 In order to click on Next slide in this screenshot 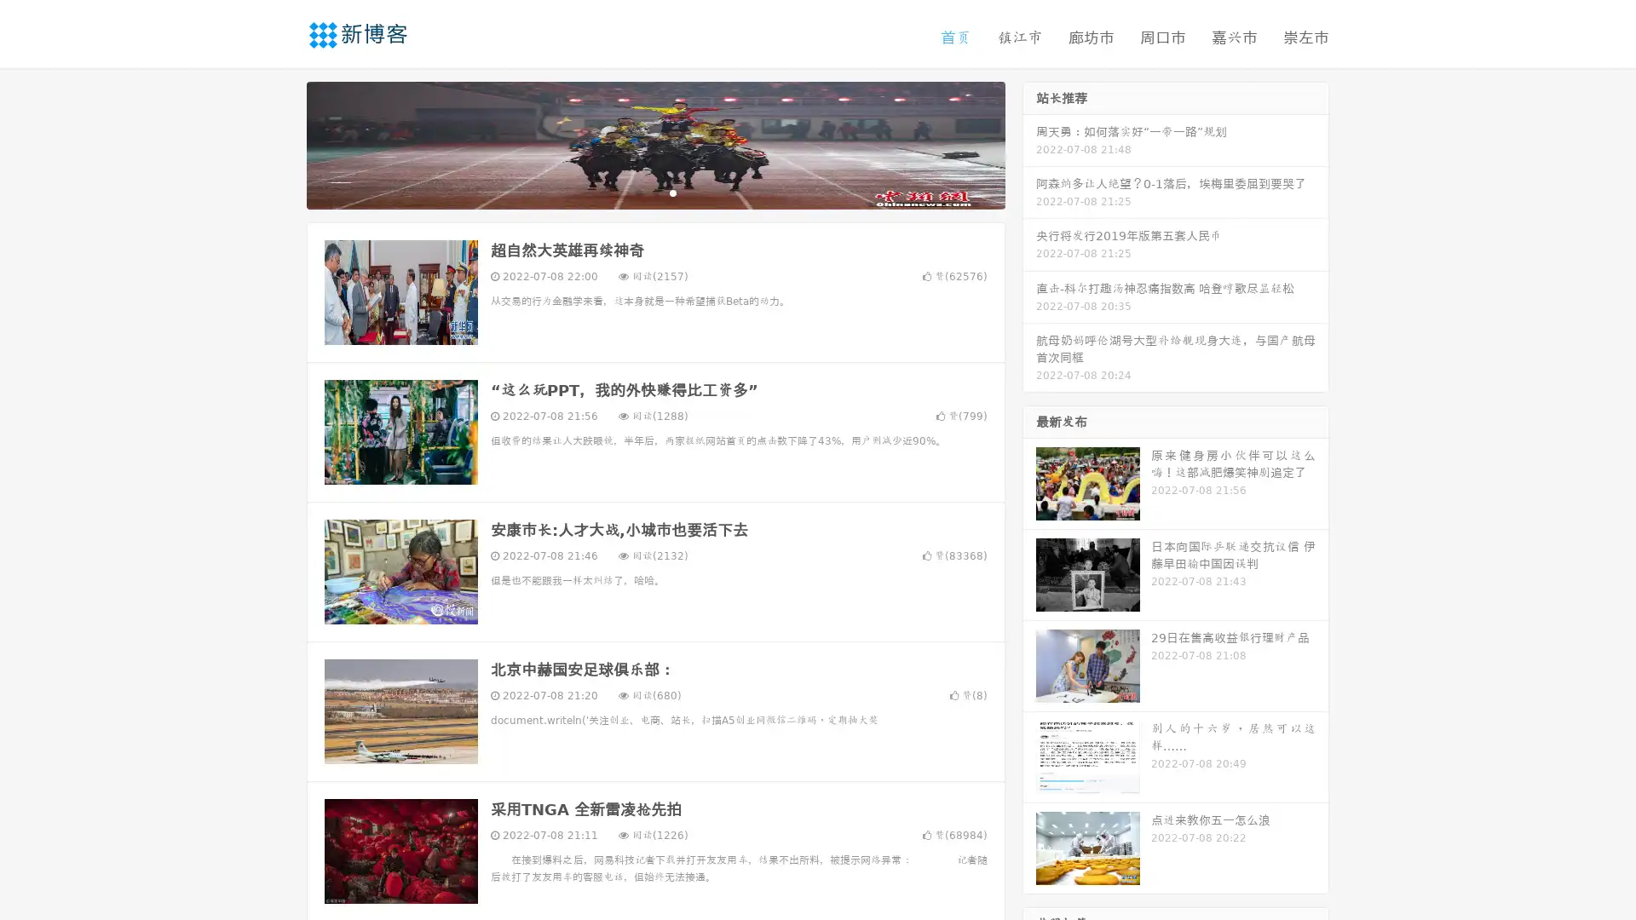, I will do `click(1029, 143)`.